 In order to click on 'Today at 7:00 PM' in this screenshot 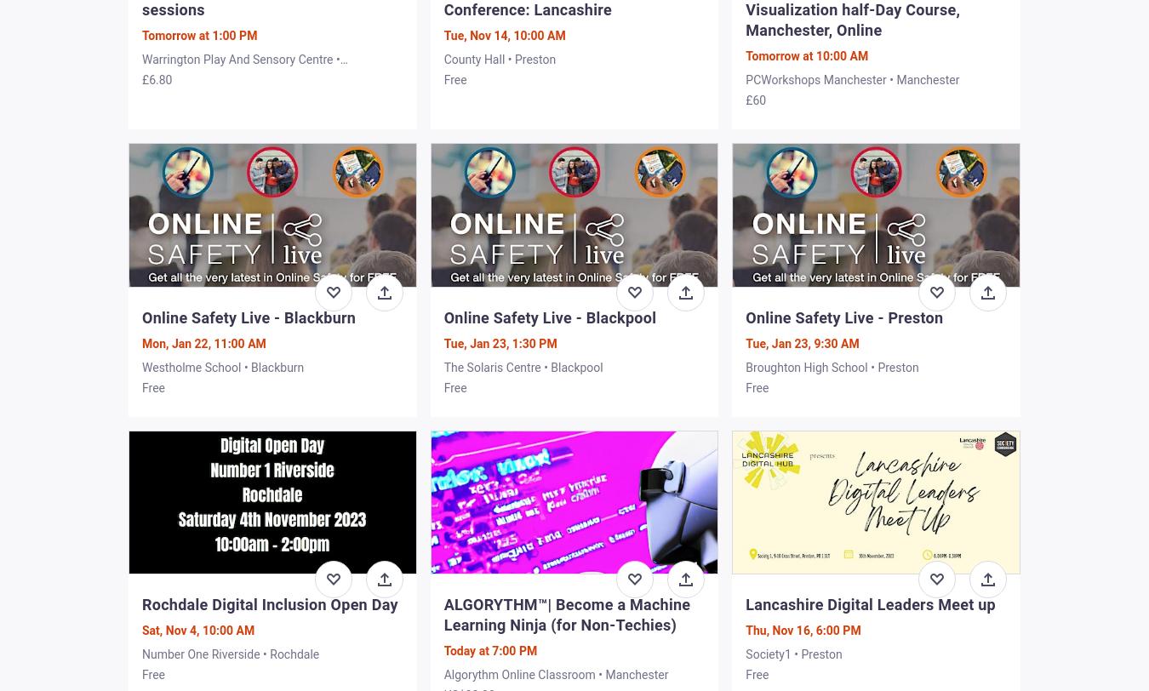, I will do `click(490, 650)`.